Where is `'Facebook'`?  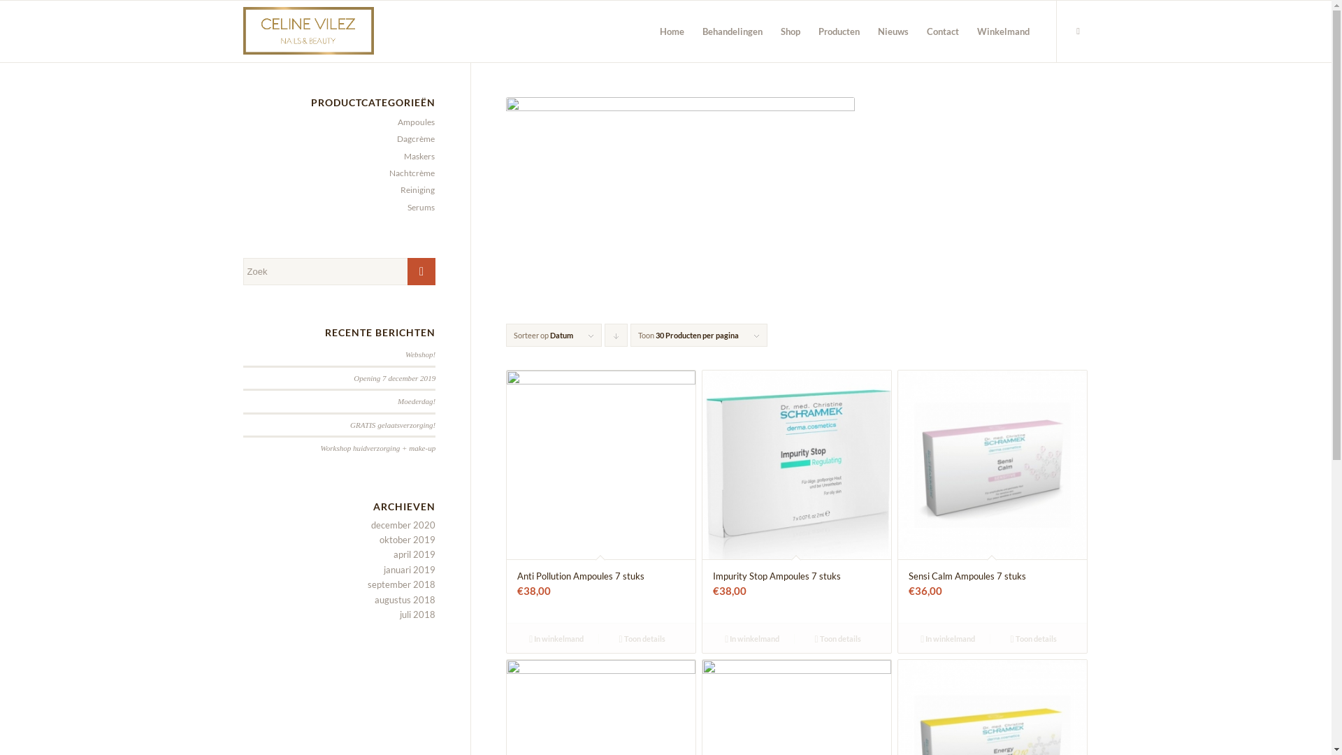 'Facebook' is located at coordinates (1077, 30).